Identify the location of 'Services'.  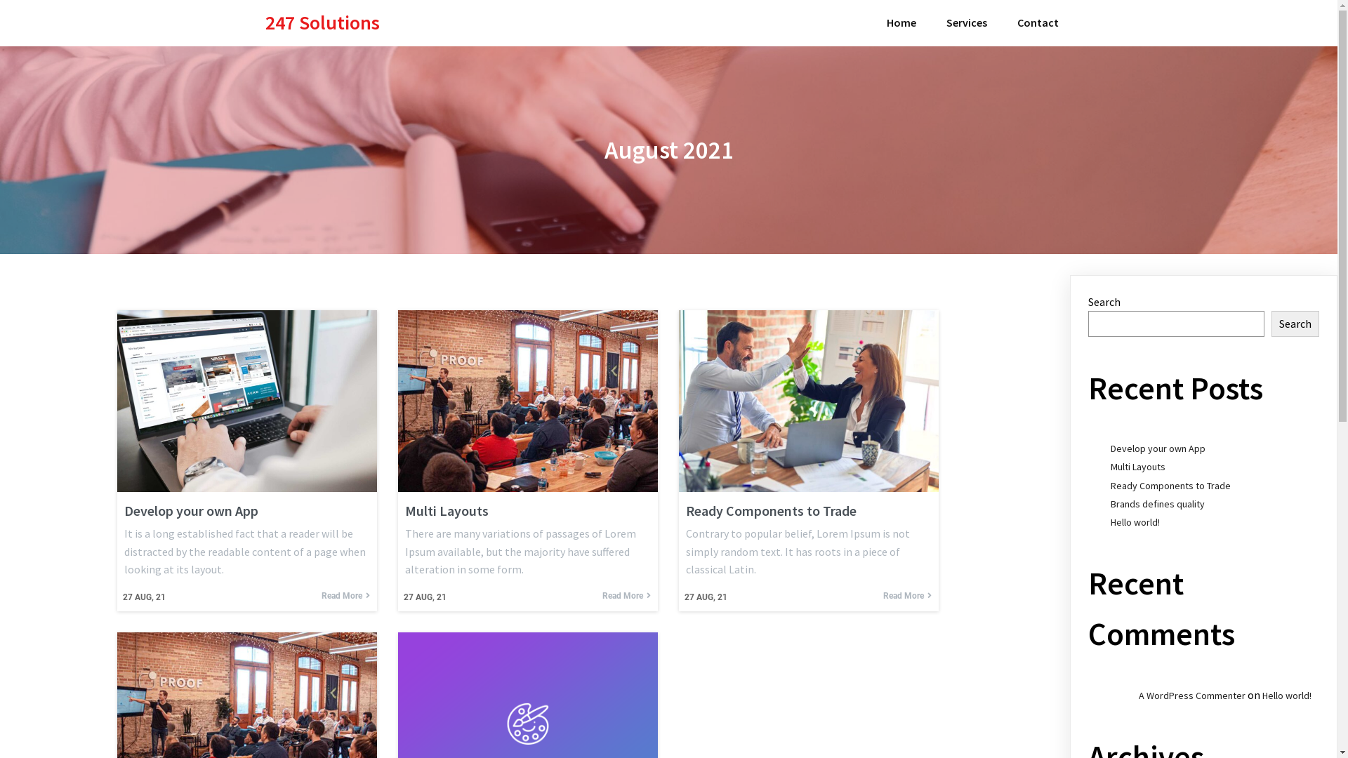
(932, 23).